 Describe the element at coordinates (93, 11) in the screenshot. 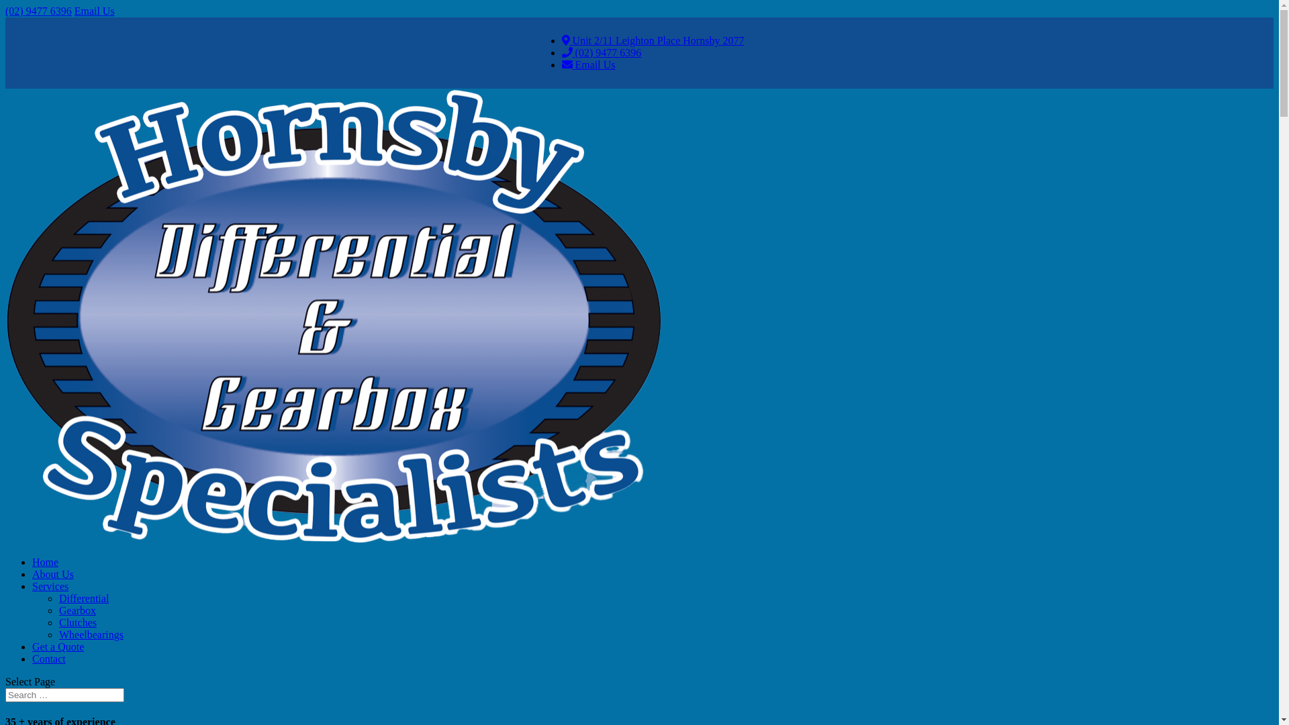

I see `'Email Us'` at that location.